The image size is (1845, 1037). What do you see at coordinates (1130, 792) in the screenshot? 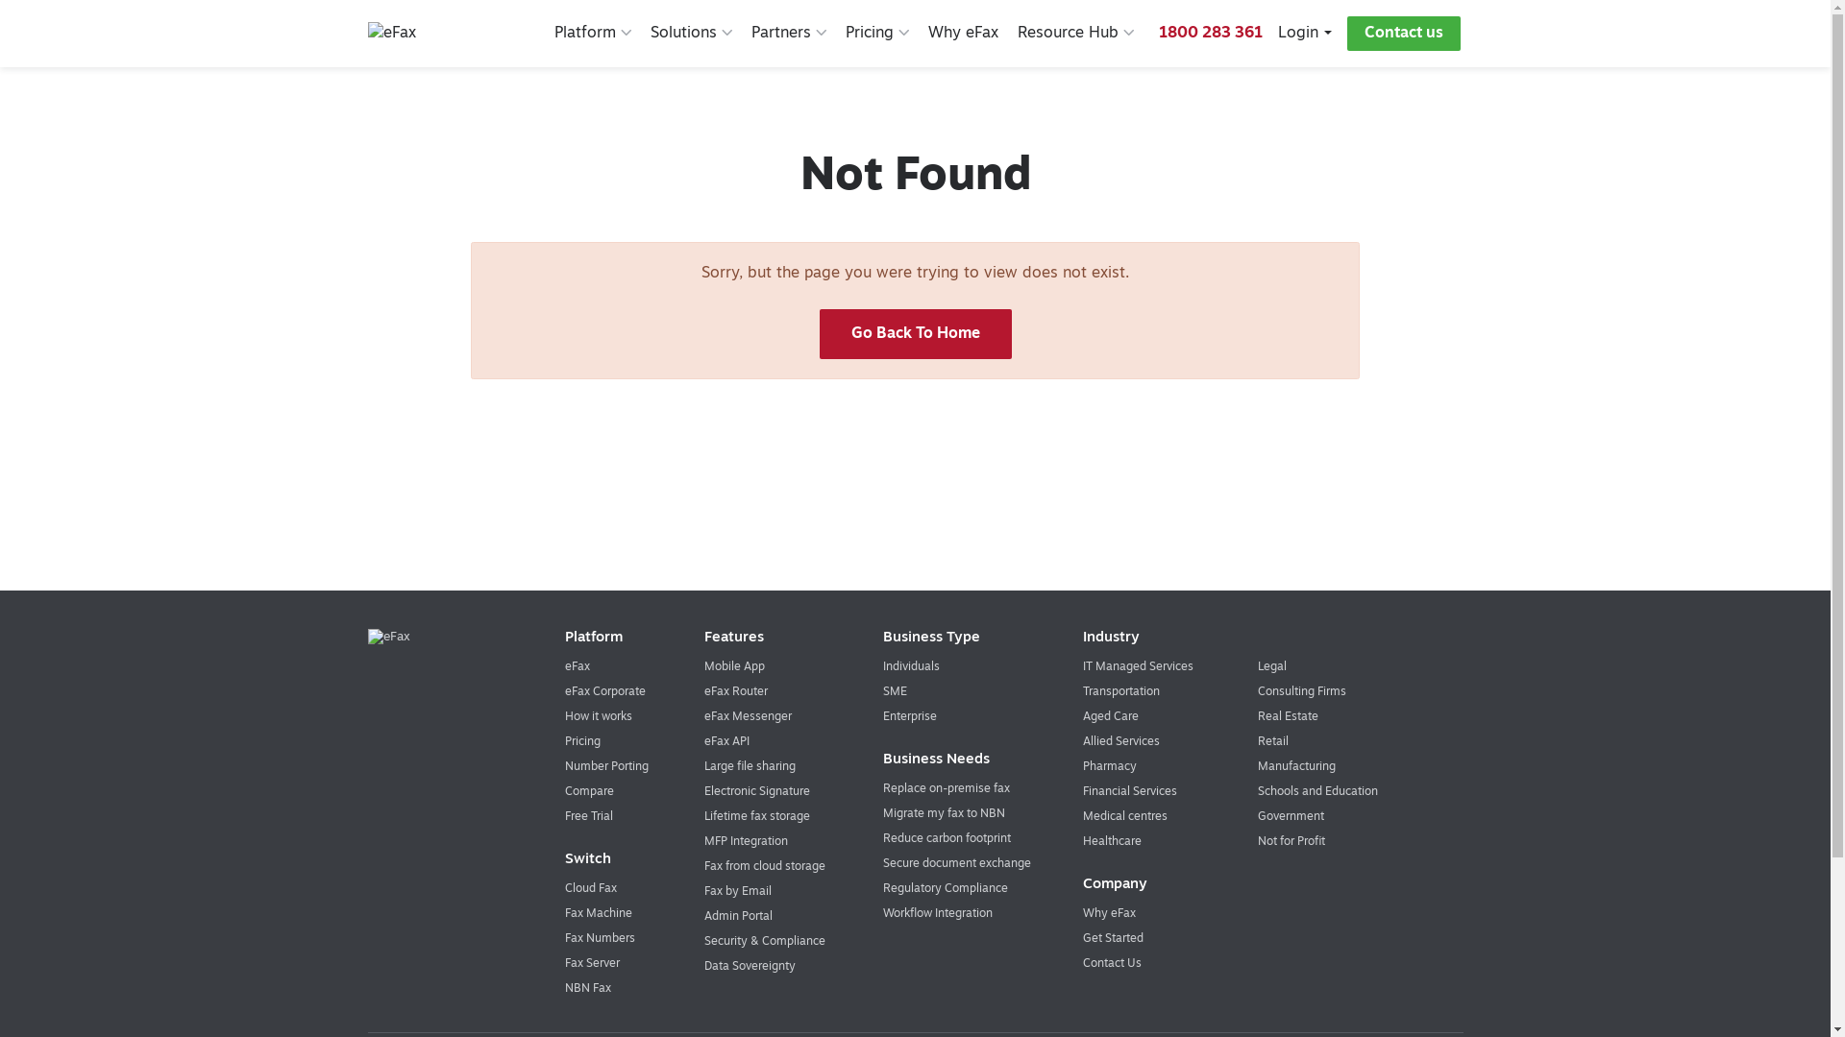
I see `'Financial Services'` at bounding box center [1130, 792].